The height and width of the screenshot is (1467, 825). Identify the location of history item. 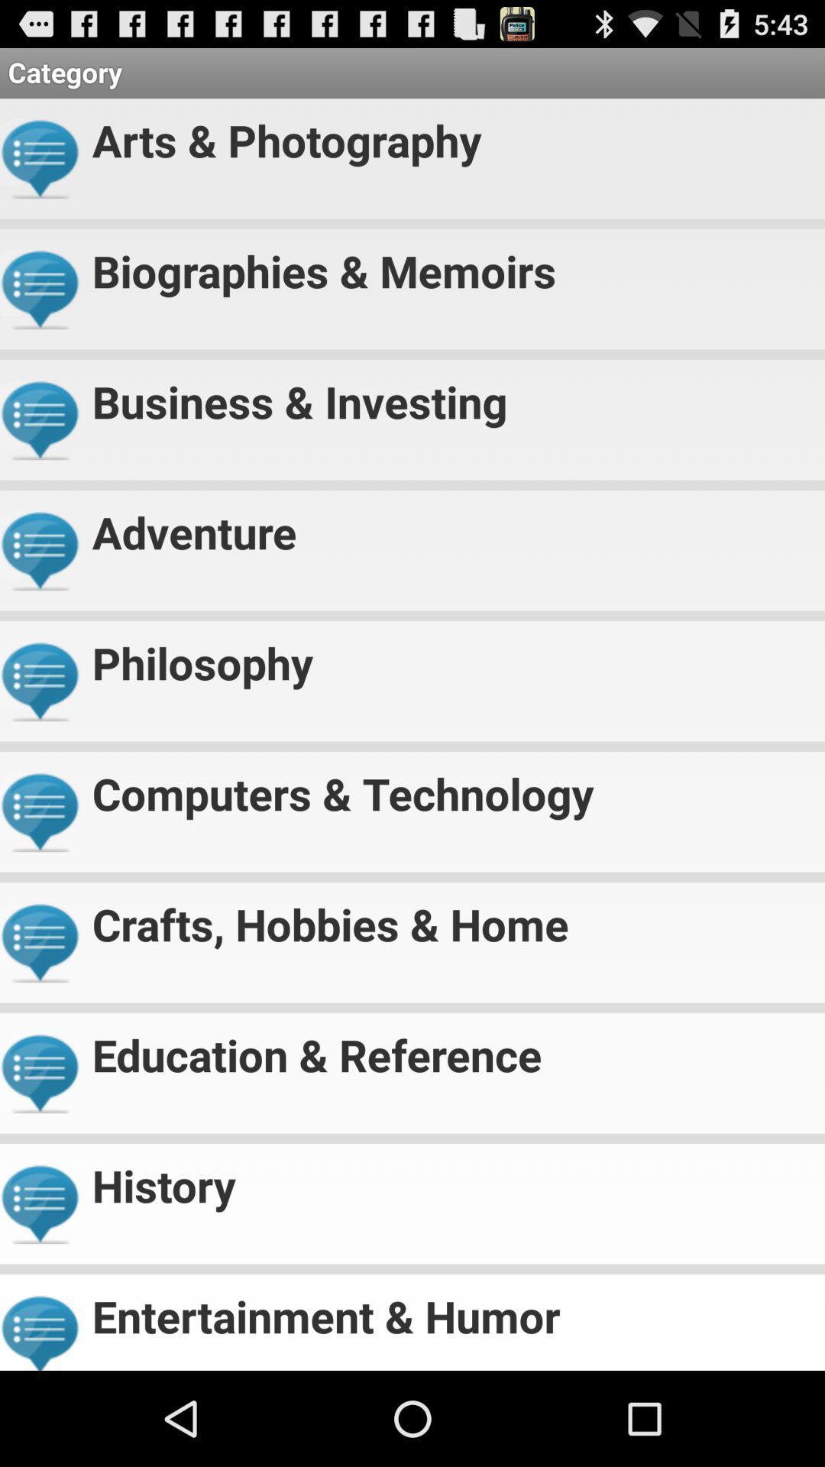
(451, 1178).